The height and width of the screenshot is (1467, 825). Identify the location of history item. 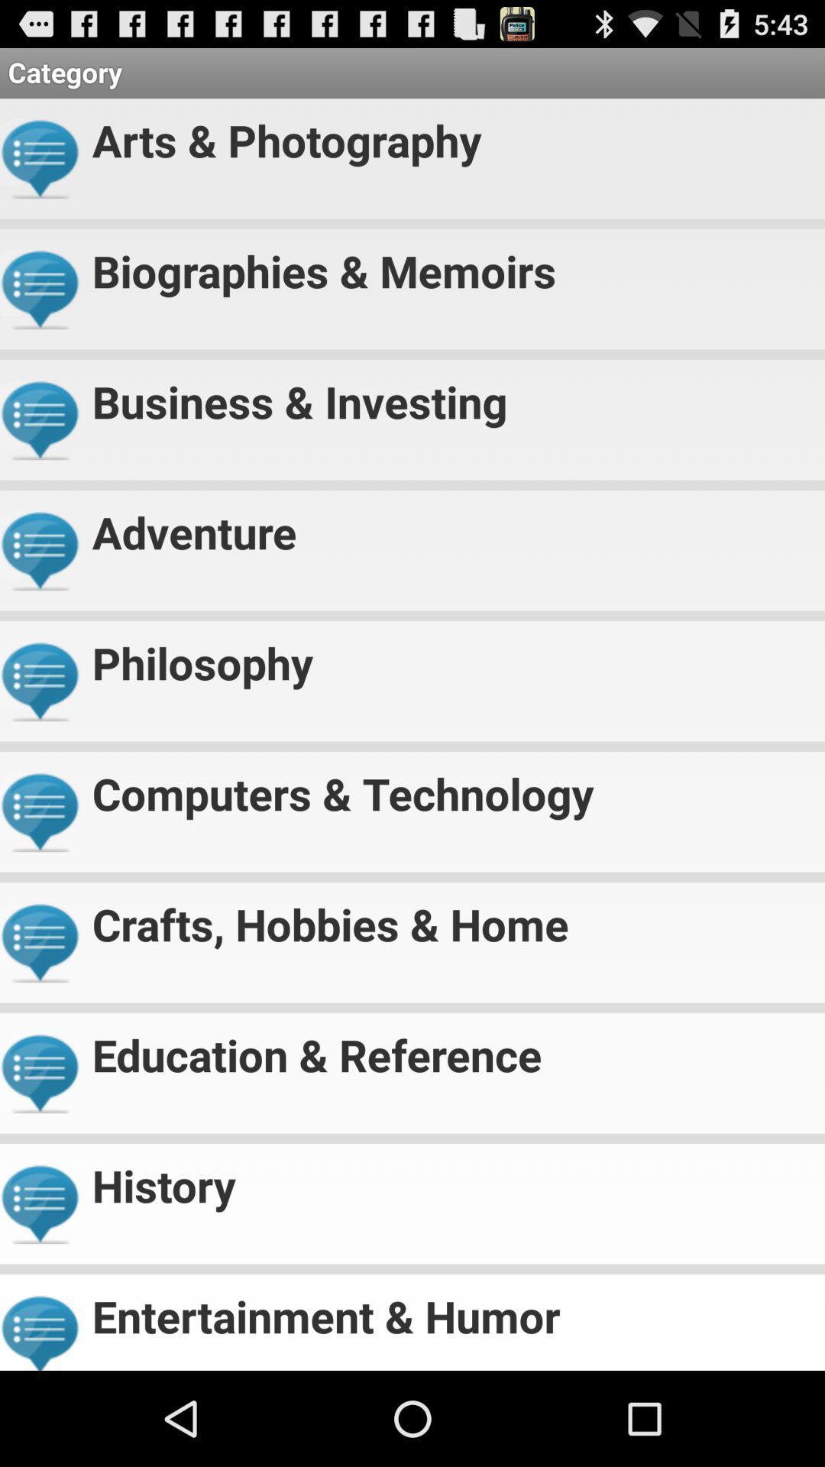
(451, 1178).